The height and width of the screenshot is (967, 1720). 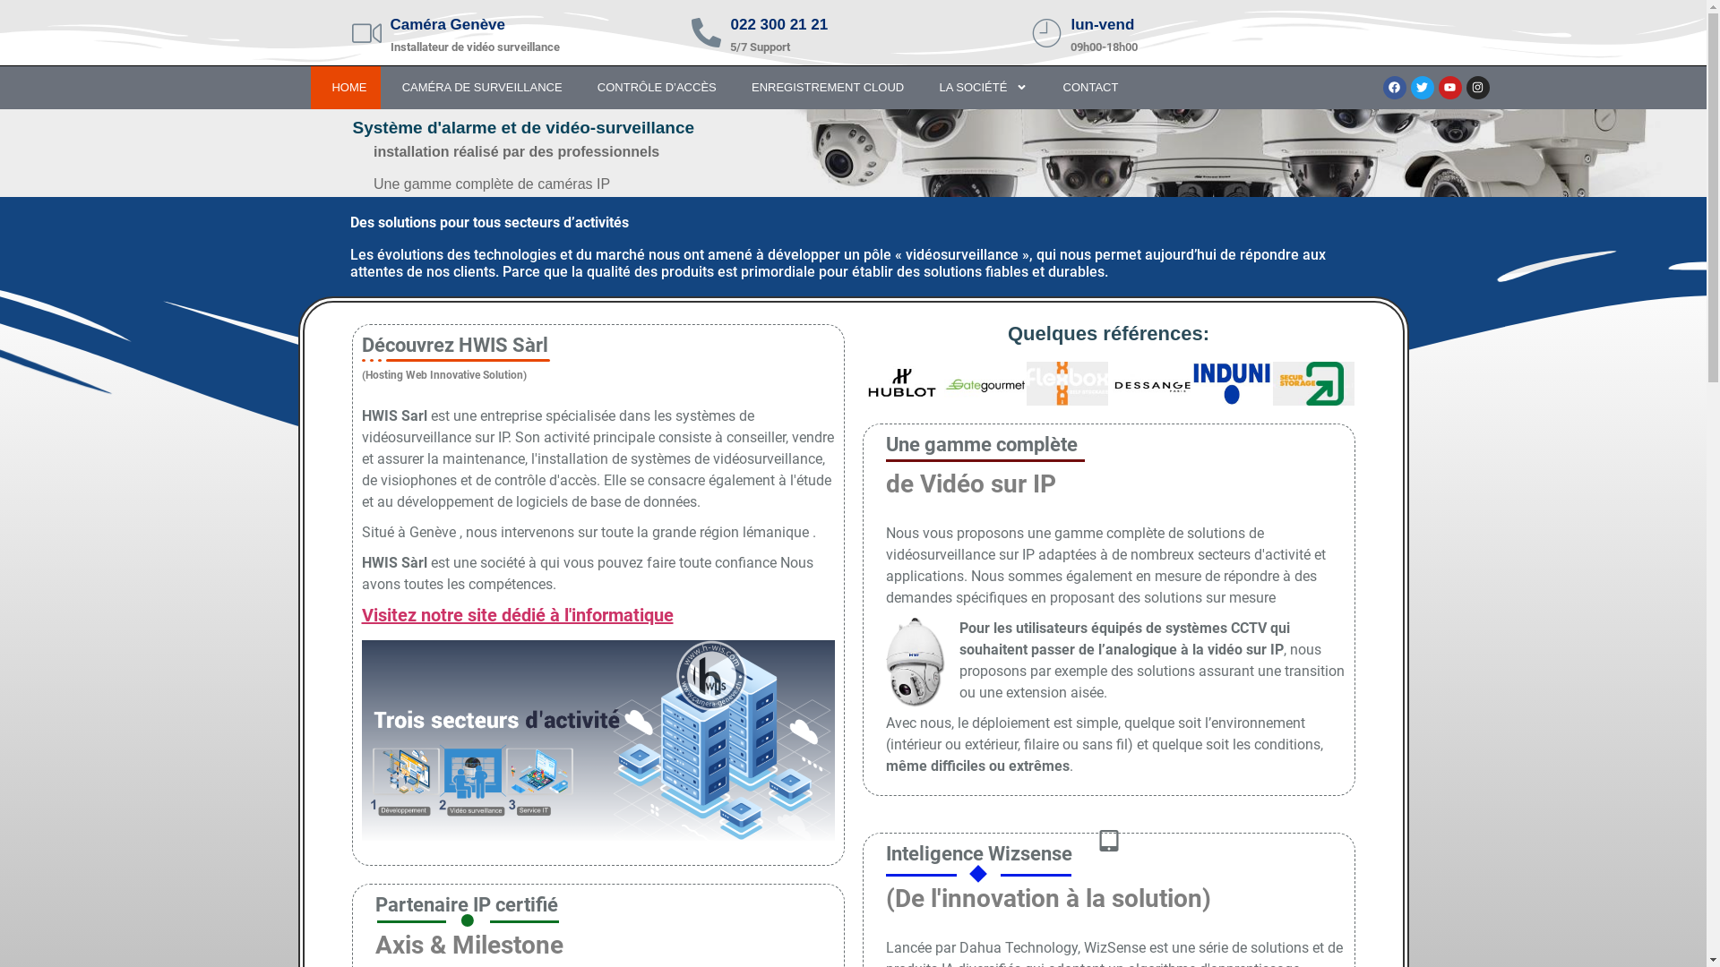 I want to click on '  HOME', so click(x=310, y=87).